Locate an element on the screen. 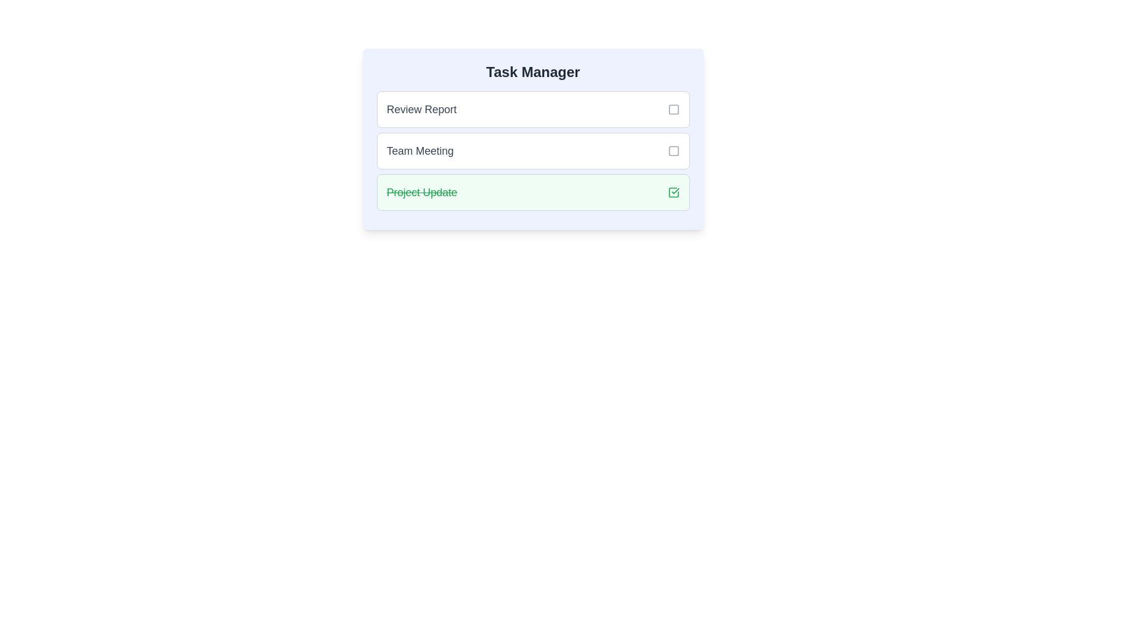  the graphical frame serving as a visual boundary for the checkmark symbol, located at the far-right of the third row in the 'Task Manager' interface, adjacent to the green-highlighted 'Project Update' label is located at coordinates (673, 191).